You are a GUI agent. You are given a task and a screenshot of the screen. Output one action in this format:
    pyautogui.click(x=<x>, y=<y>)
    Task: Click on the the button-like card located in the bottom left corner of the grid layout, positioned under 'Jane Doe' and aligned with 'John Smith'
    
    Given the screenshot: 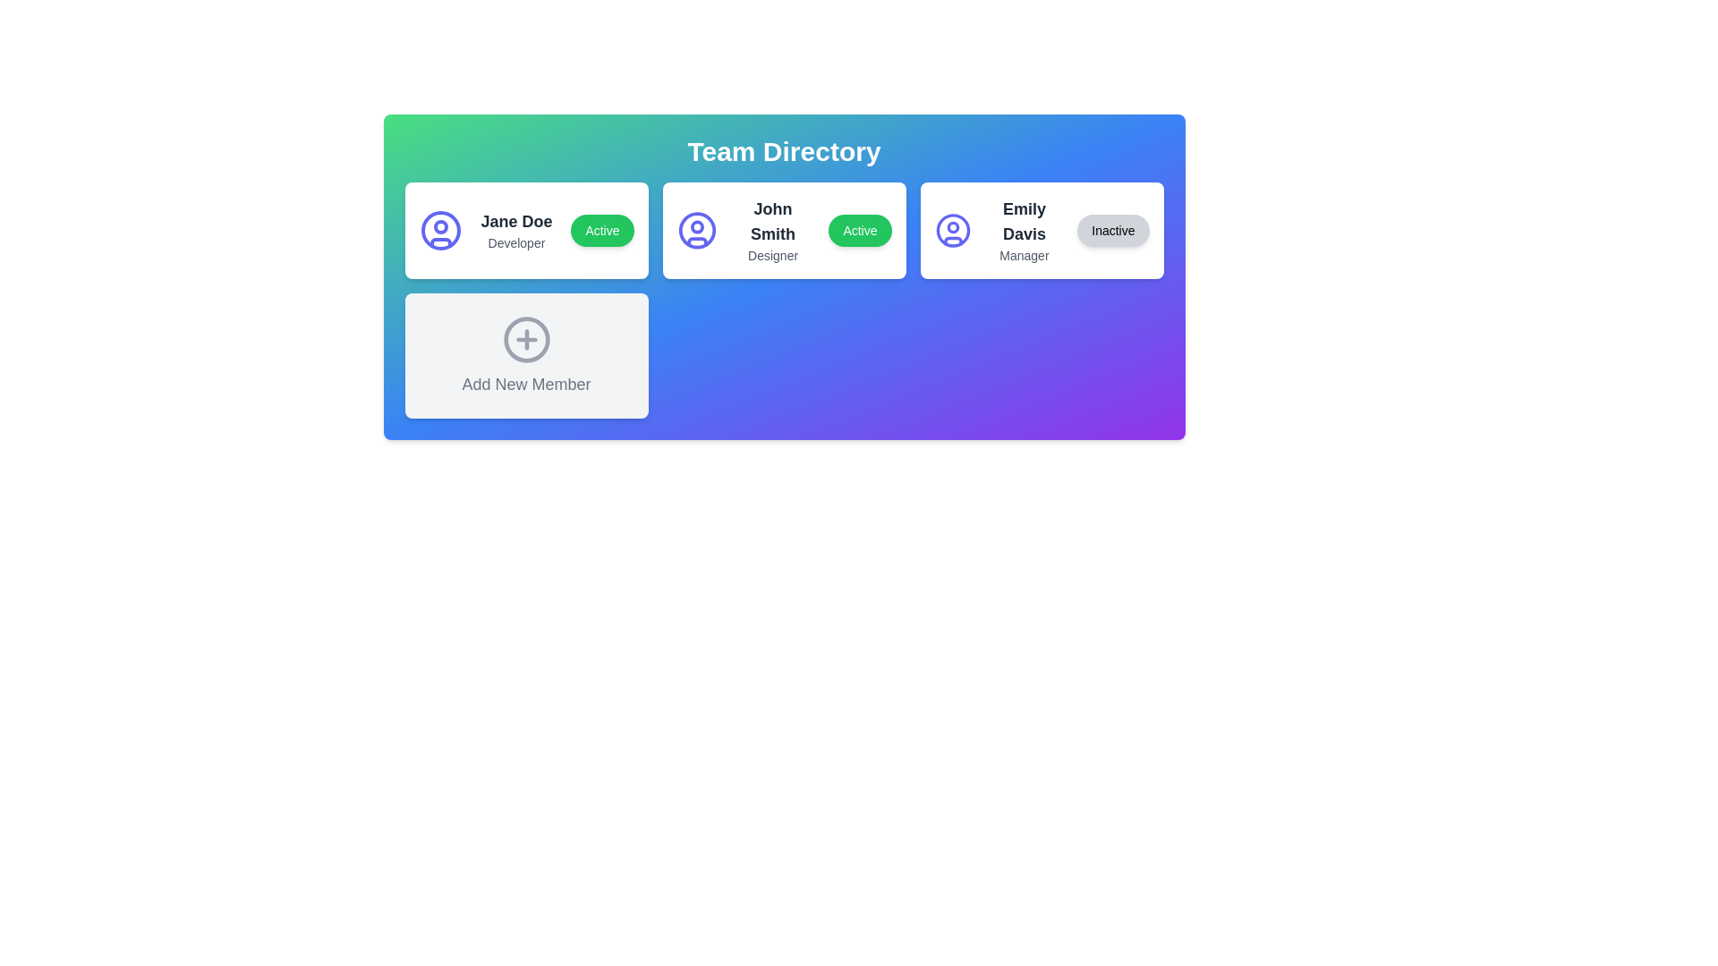 What is the action you would take?
    pyautogui.click(x=525, y=355)
    